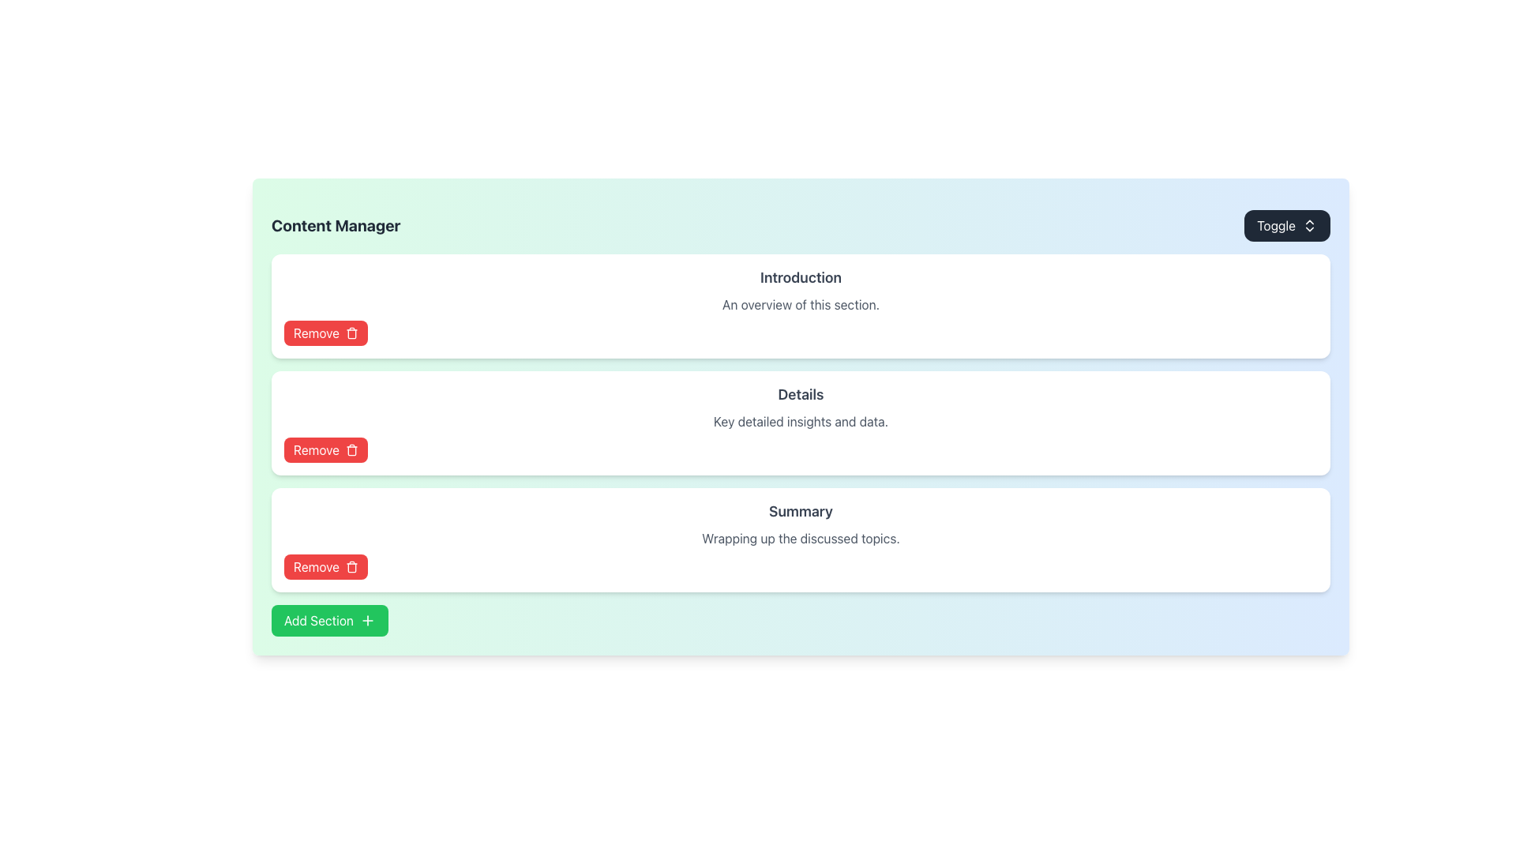 Image resolution: width=1516 pixels, height=853 pixels. Describe the element at coordinates (351, 332) in the screenshot. I see `the small, red trash icon located to the right of the 'Remove' text on the red button` at that location.